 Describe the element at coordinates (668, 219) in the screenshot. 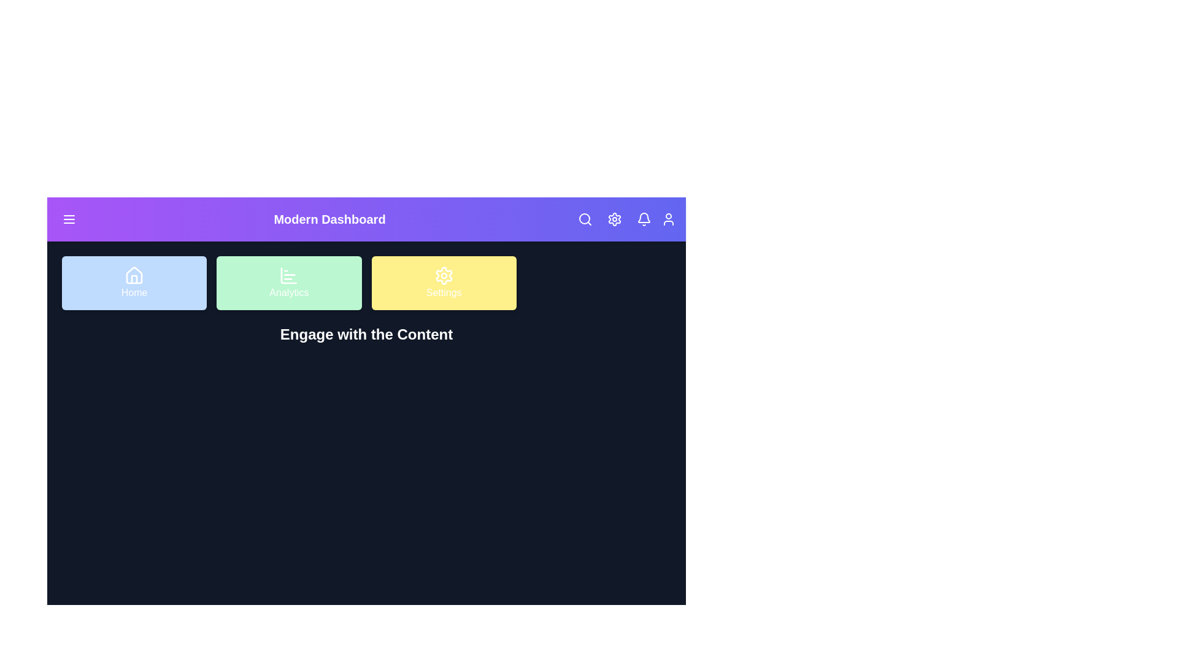

I see `the User icon to access user account options` at that location.